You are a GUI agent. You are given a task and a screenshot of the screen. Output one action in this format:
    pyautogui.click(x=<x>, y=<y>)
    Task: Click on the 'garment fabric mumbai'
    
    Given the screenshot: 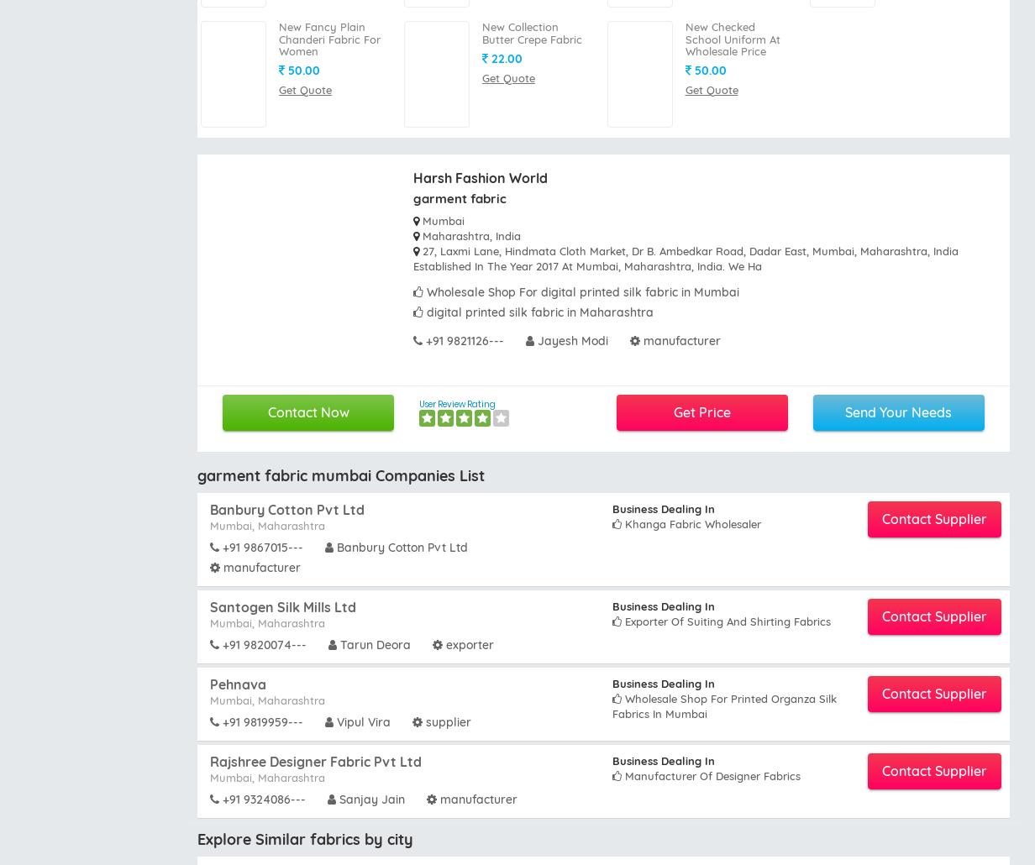 What is the action you would take?
    pyautogui.click(x=807, y=809)
    